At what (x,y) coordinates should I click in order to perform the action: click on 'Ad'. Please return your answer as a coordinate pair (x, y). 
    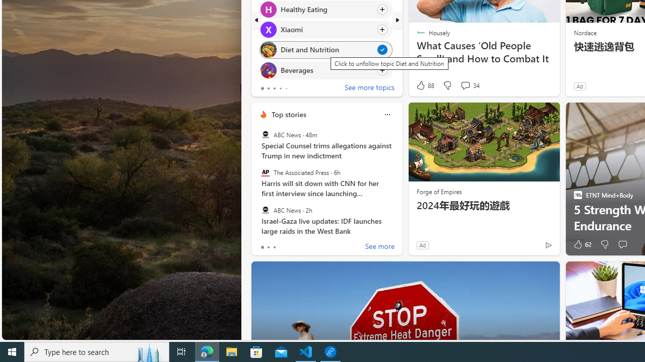
    Looking at the image, I should click on (422, 245).